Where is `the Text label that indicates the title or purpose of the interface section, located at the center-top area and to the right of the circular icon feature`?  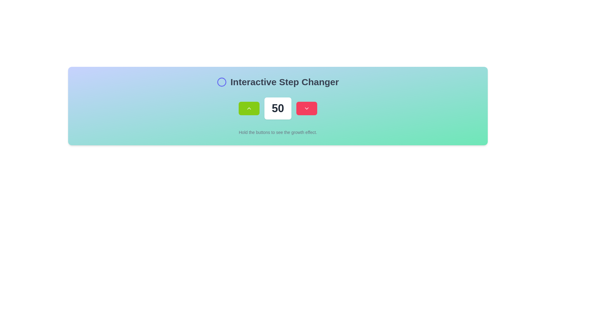 the Text label that indicates the title or purpose of the interface section, located at the center-top area and to the right of the circular icon feature is located at coordinates (284, 82).